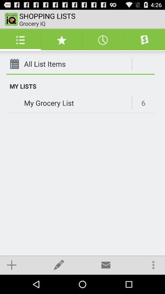 This screenshot has width=165, height=294. I want to click on item below 6 item, so click(153, 265).